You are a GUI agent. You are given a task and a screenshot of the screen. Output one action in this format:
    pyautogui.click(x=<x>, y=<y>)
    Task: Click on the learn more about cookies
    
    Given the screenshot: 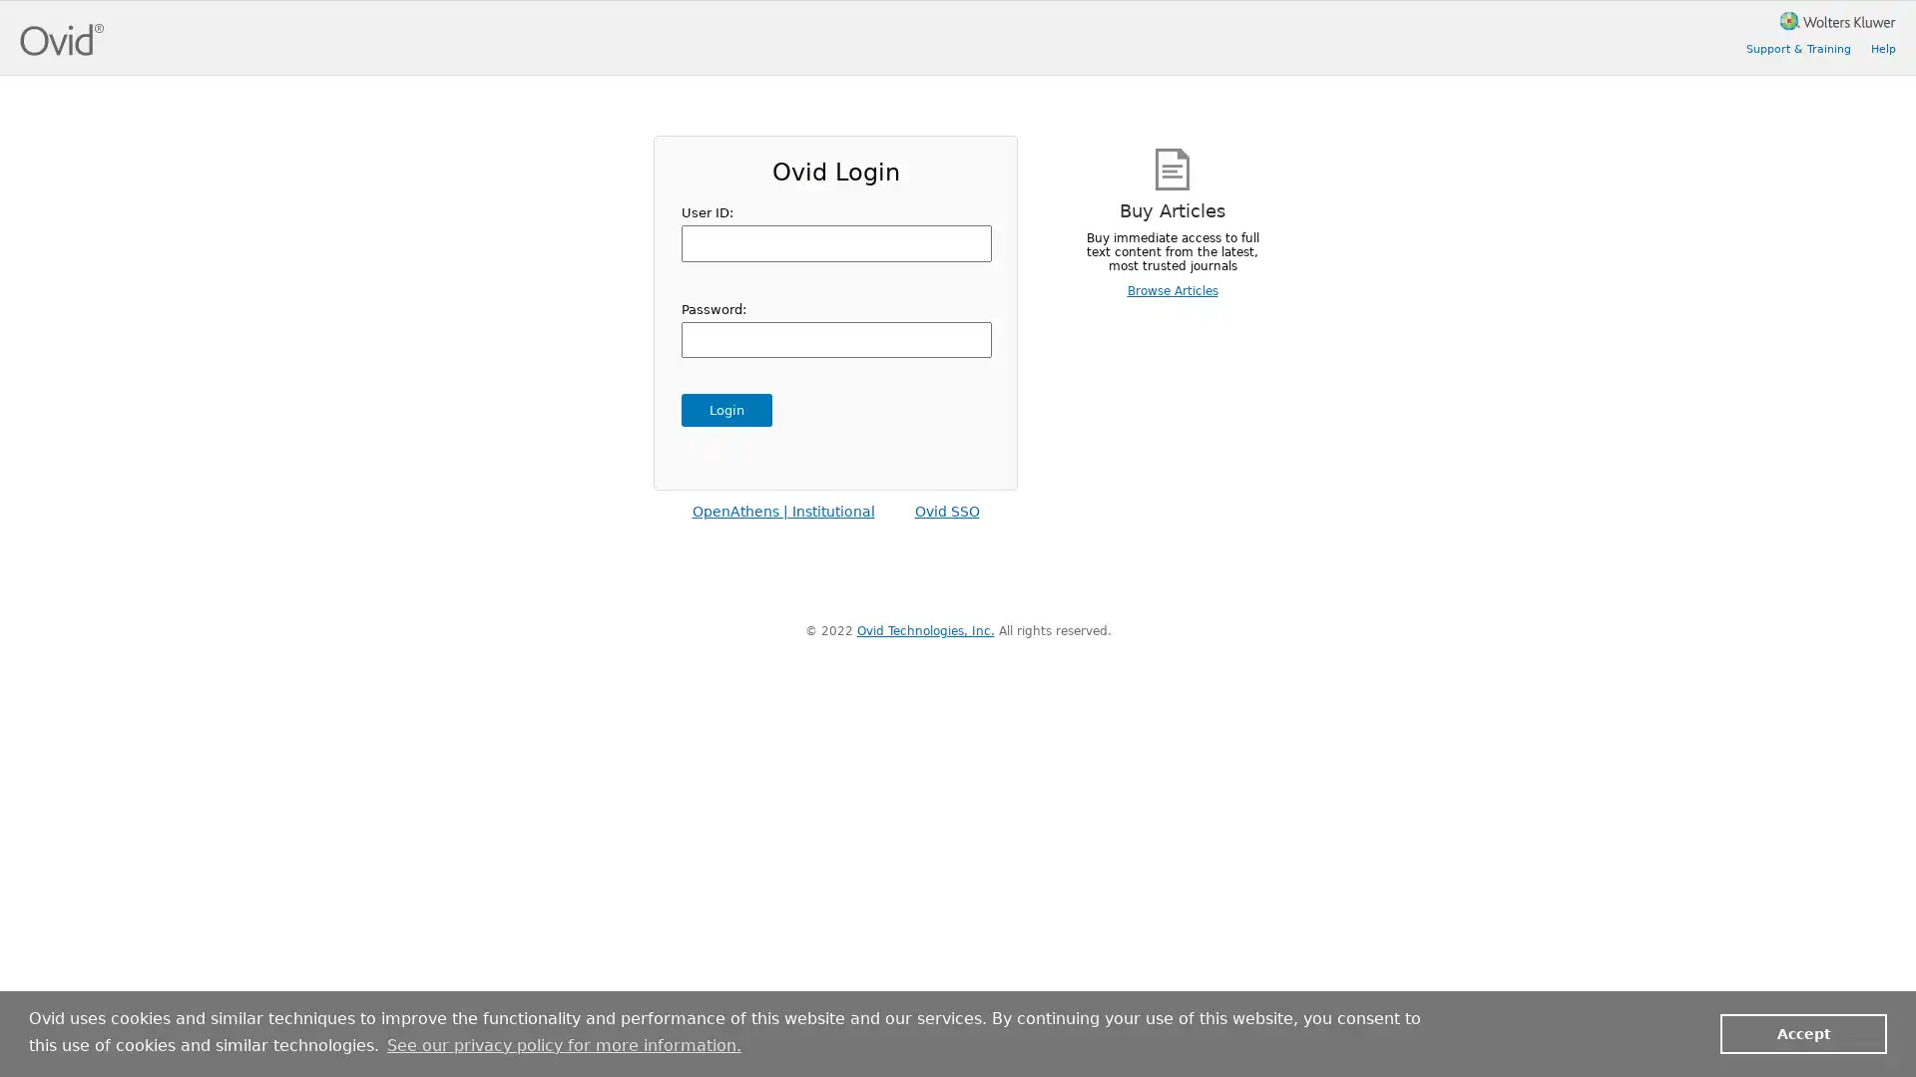 What is the action you would take?
    pyautogui.click(x=563, y=1044)
    